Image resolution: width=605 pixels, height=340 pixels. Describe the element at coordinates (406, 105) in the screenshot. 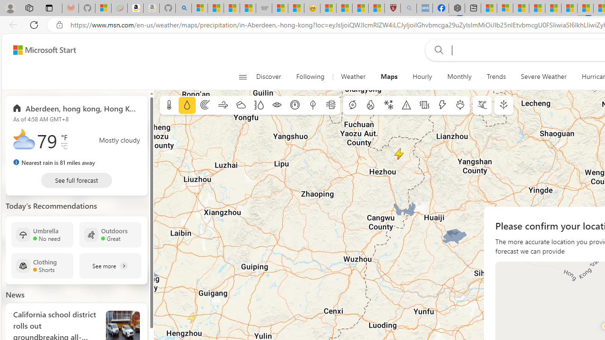

I see `'Severe weather'` at that location.